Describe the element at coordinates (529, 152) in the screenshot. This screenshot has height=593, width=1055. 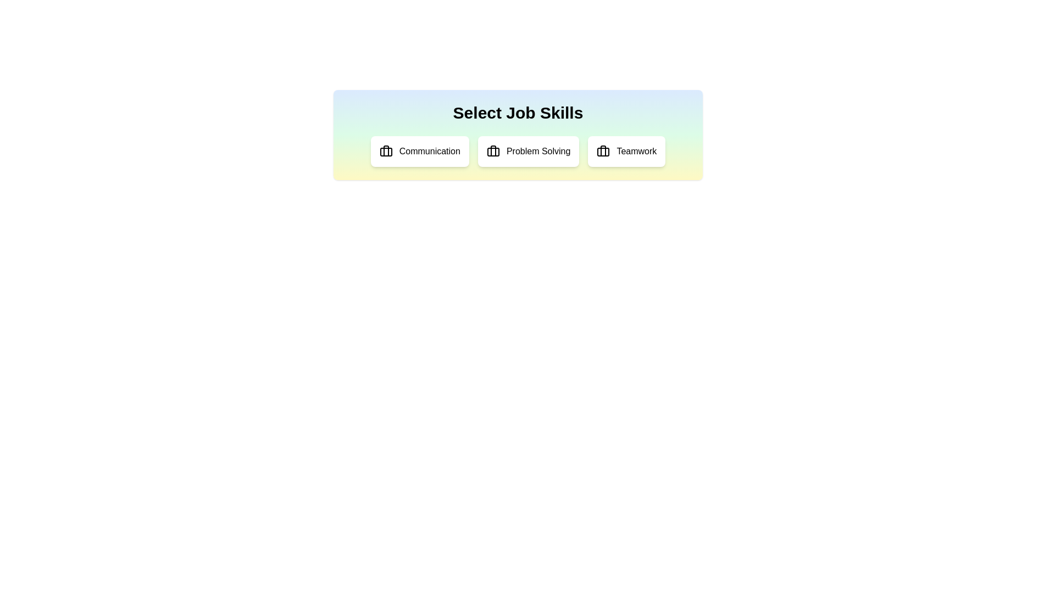
I see `the skill card labeled 'Problem Solving' to select or deselect it` at that location.